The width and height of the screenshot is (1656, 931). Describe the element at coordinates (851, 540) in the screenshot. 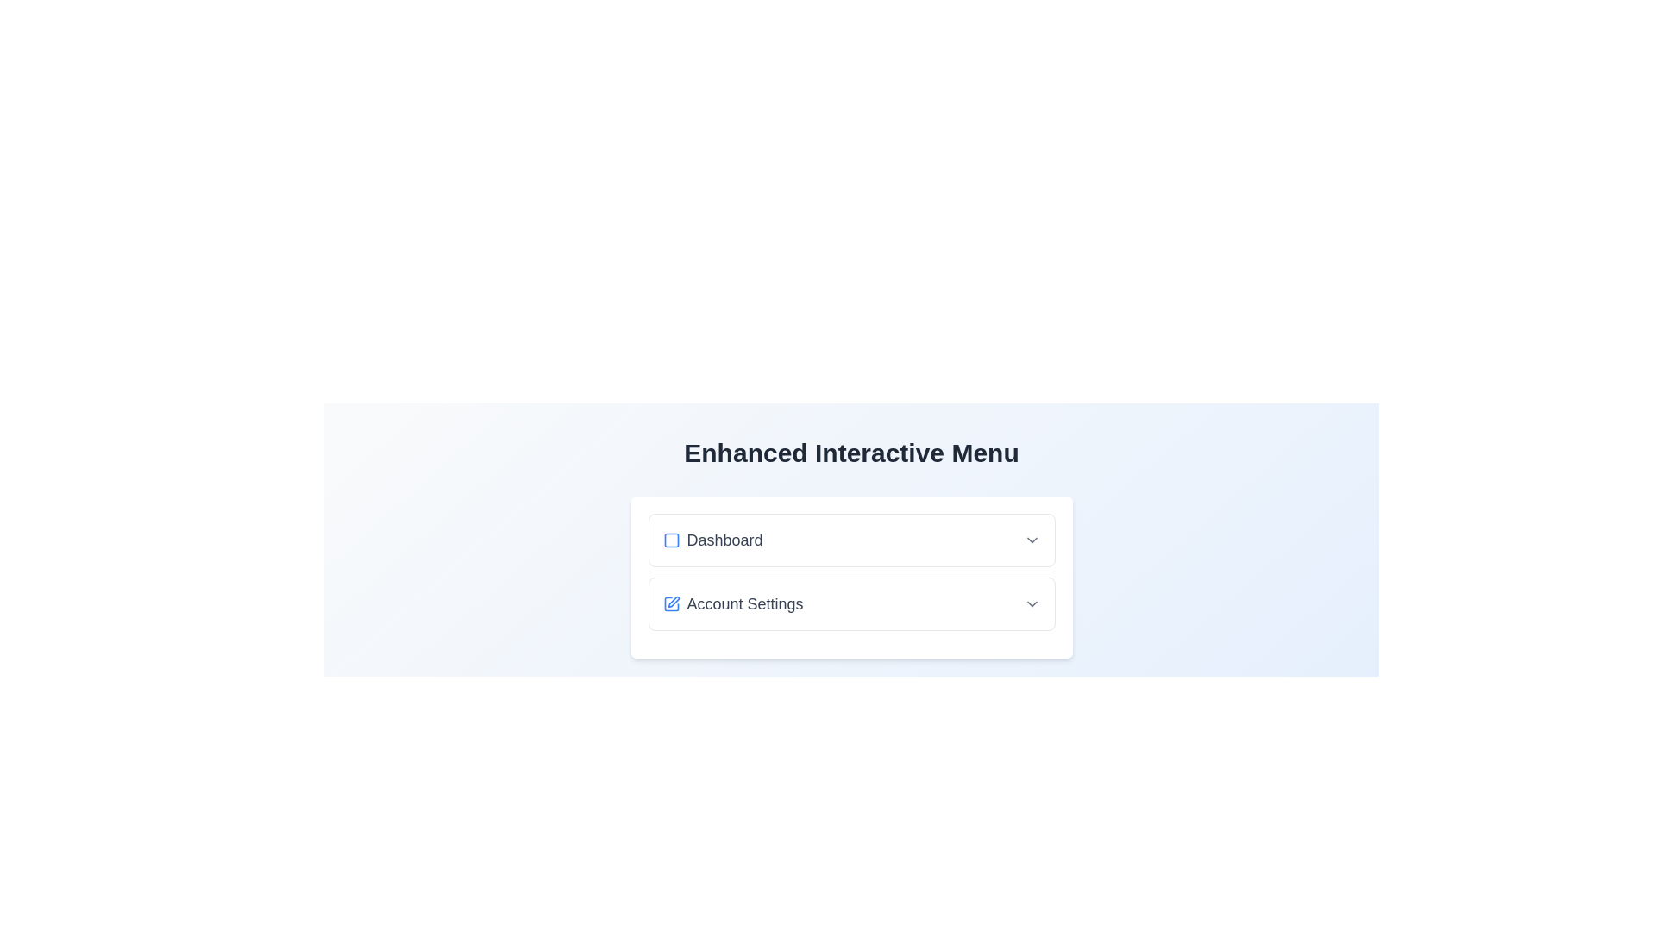

I see `the Interactive button with dropdown labeled 'Dashboard'` at that location.